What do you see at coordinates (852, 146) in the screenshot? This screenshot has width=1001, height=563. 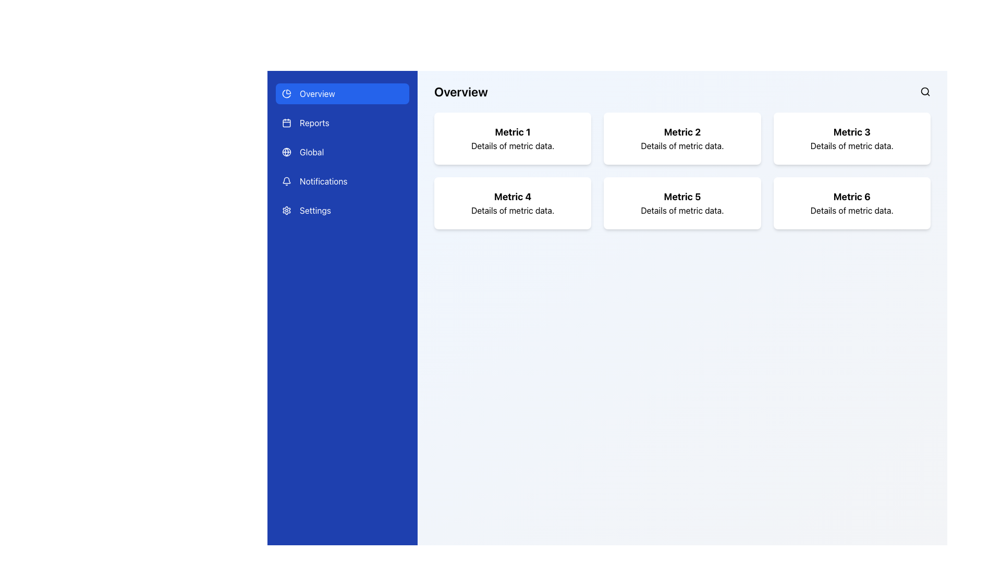 I see `the text label that displays 'Details of metric data.' located within the card titled 'Metric 3' in the top-right corner of the grid layout` at bounding box center [852, 146].